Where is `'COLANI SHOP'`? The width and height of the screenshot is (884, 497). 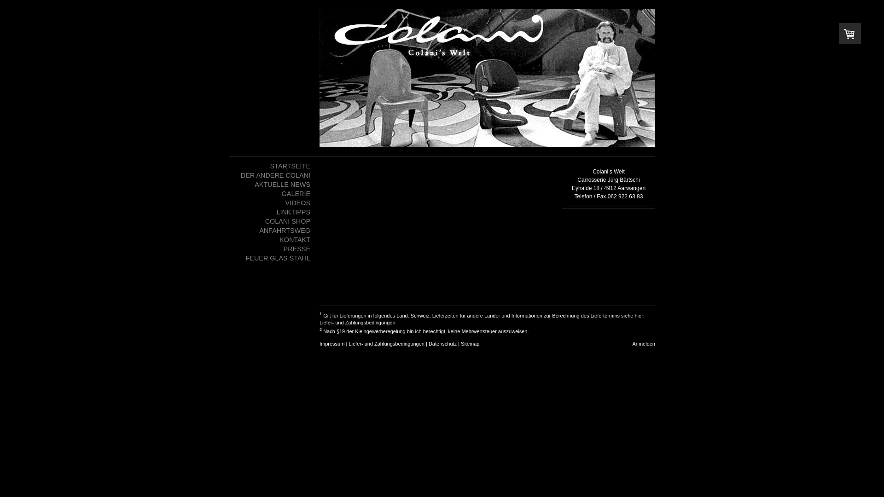
'COLANI SHOP' is located at coordinates (269, 221).